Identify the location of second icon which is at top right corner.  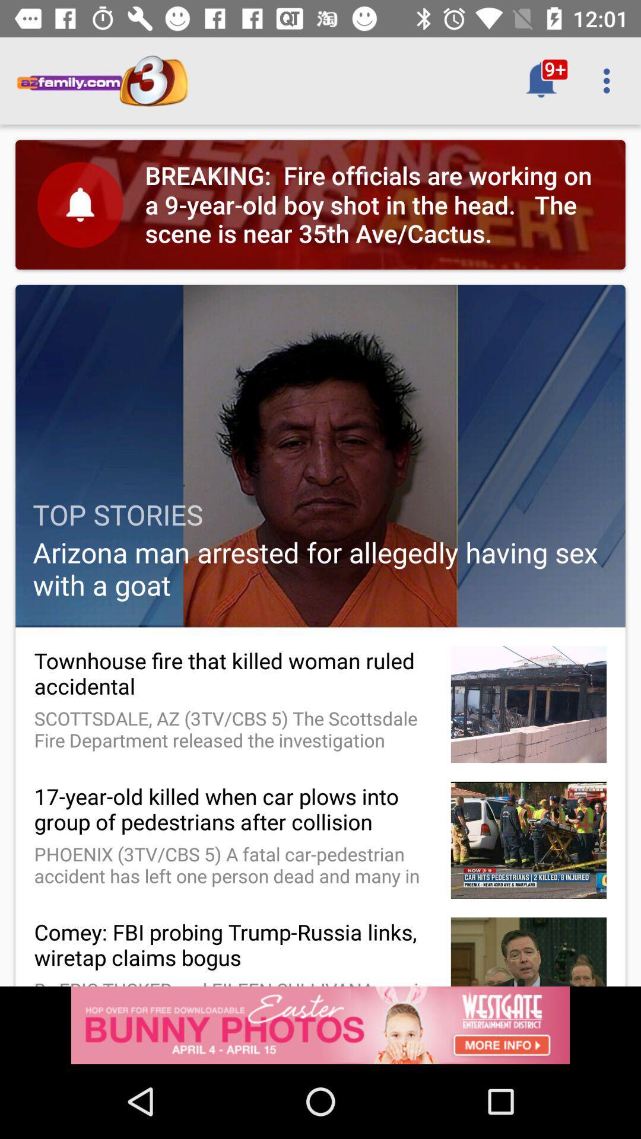
(610, 81).